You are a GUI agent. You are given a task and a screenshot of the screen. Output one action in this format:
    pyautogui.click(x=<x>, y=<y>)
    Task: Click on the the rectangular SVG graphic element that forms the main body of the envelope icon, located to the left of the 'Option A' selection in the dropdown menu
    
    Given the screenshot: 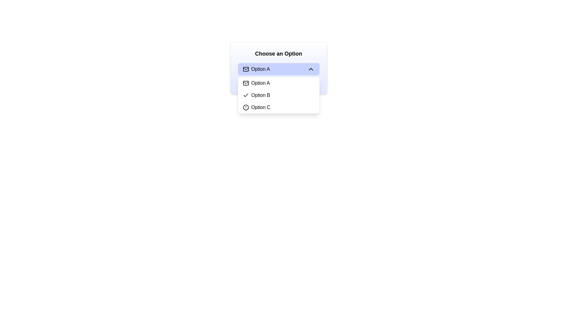 What is the action you would take?
    pyautogui.click(x=246, y=83)
    